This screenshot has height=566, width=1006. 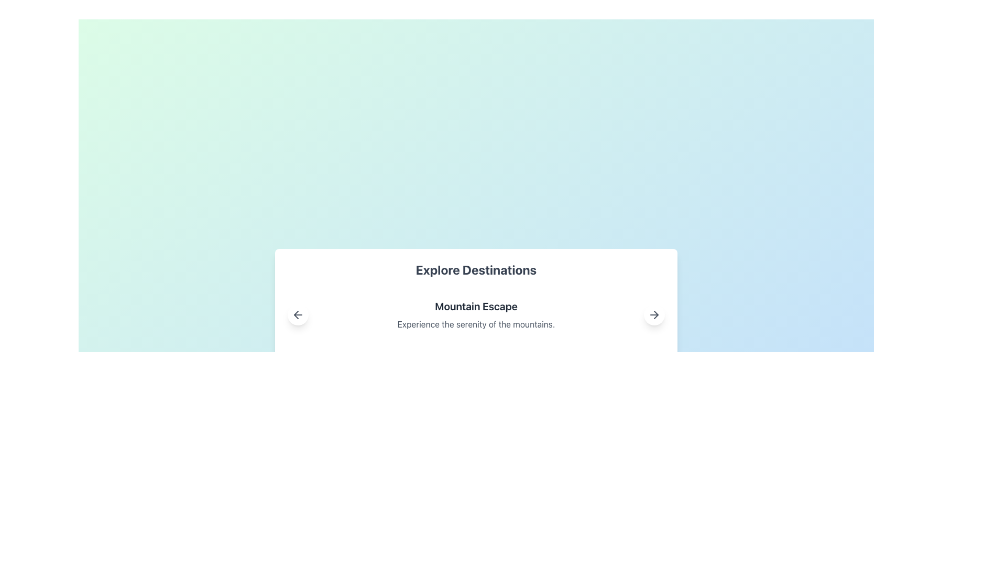 I want to click on the circular button with a white background and a leftward arrow icon to observe its hover effects, so click(x=298, y=314).